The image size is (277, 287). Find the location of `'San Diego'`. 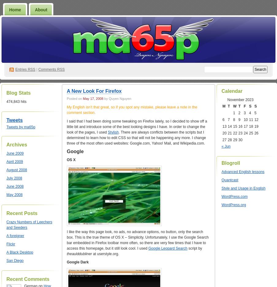

'San Diego' is located at coordinates (14, 260).